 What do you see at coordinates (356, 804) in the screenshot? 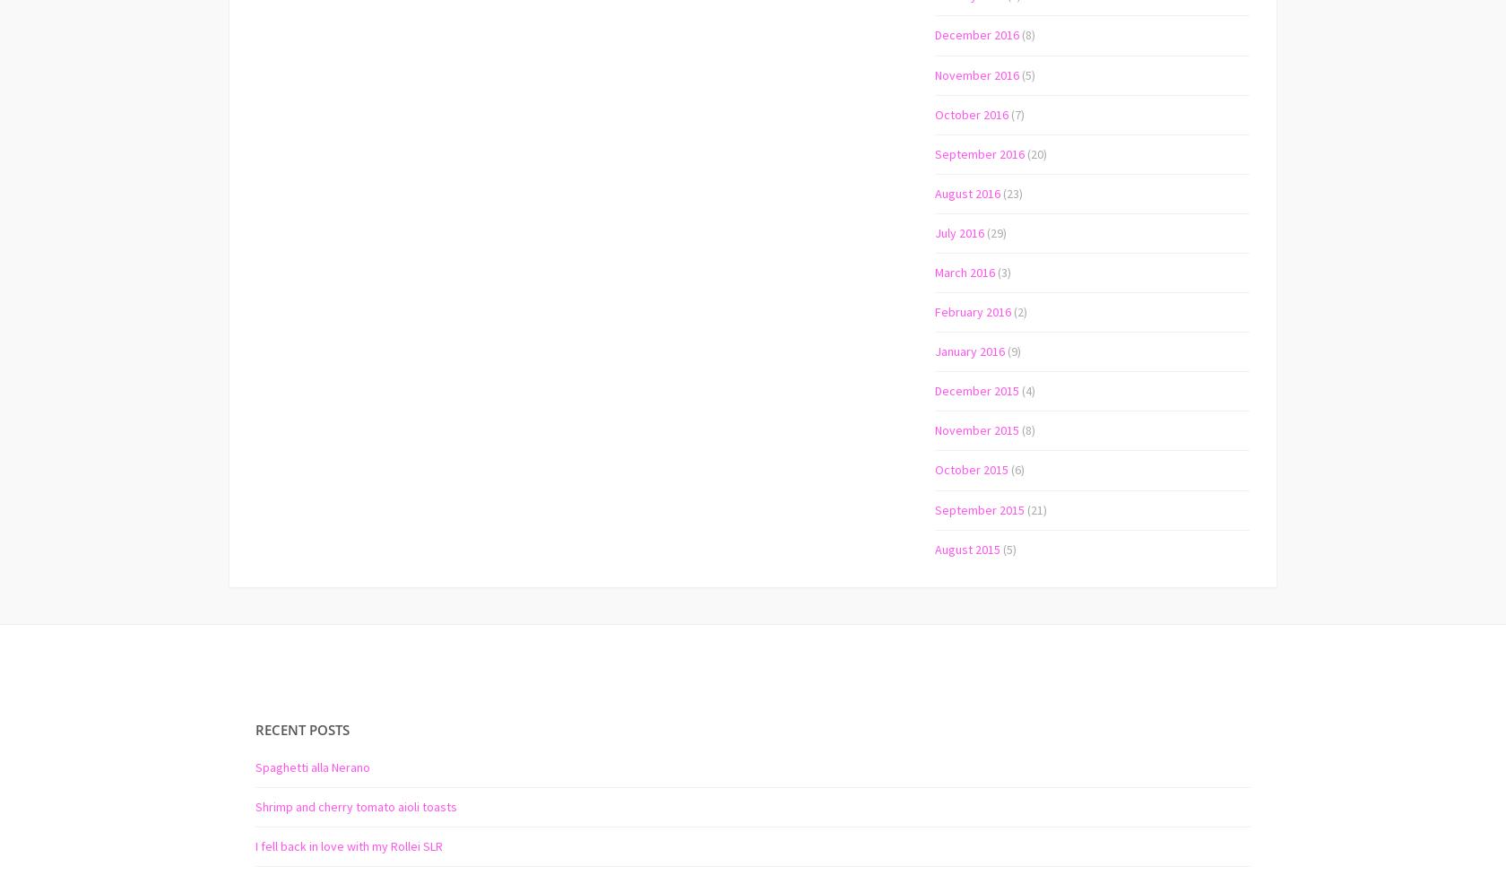
I see `'Shrimp and cherry tomato aioli toasts'` at bounding box center [356, 804].